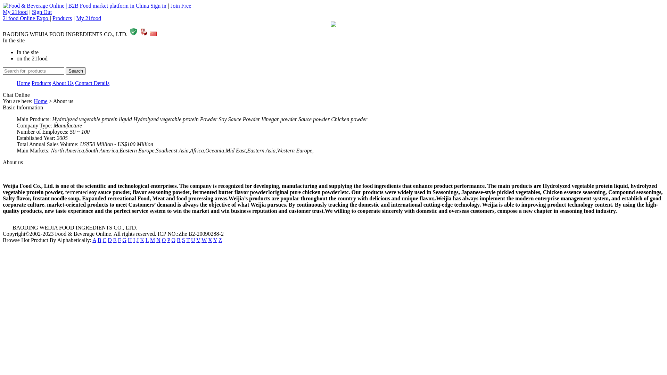 The height and width of the screenshot is (375, 667). Describe the element at coordinates (104, 240) in the screenshot. I see `'C'` at that location.